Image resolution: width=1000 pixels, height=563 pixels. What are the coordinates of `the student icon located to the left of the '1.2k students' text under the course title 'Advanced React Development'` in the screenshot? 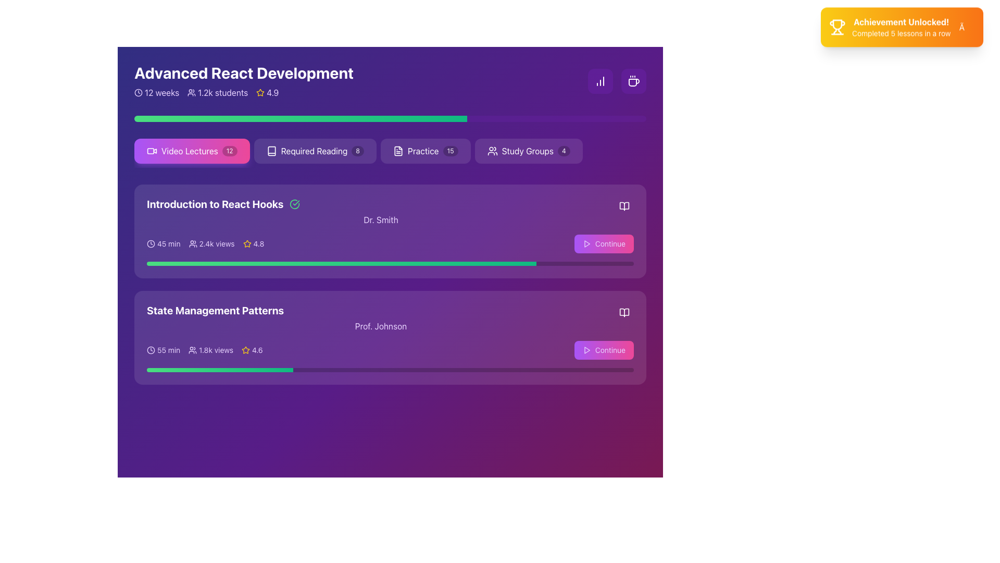 It's located at (192, 92).